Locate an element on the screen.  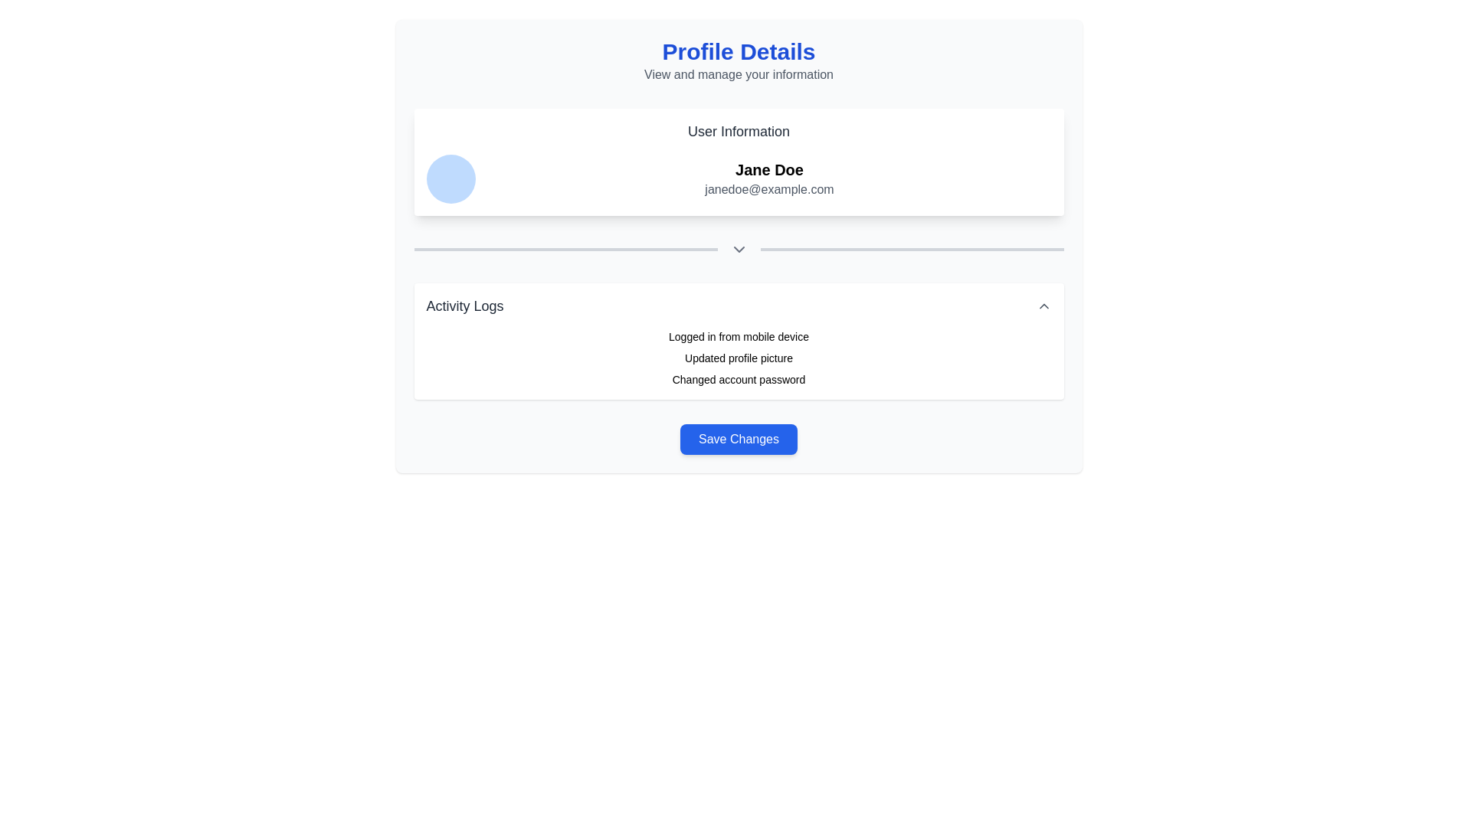
the Text Display Section located below the user information section showing 'Jane Doe' and 'janedoe@example.com' is located at coordinates (739, 341).